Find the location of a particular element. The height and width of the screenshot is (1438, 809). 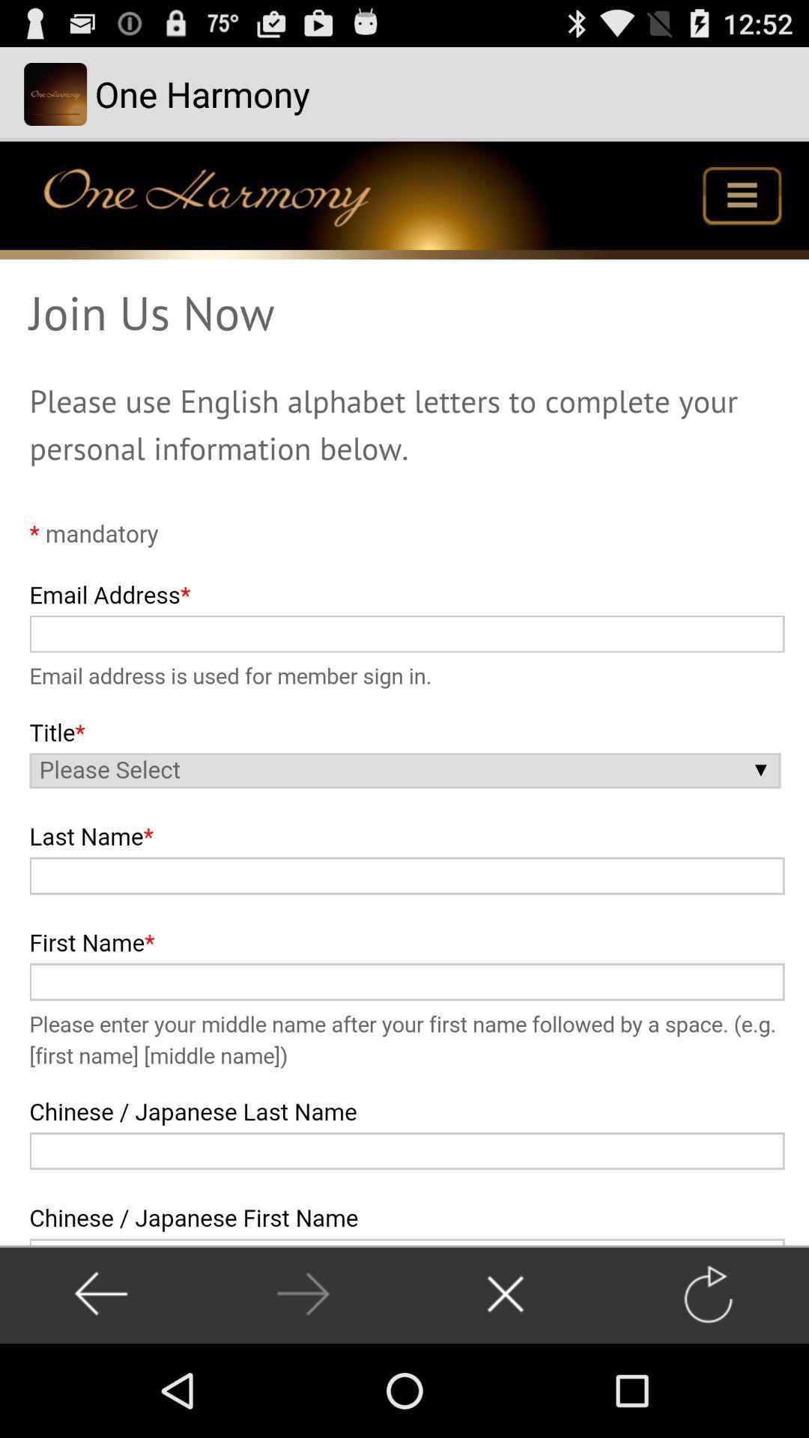

the refresh icon is located at coordinates (708, 1384).